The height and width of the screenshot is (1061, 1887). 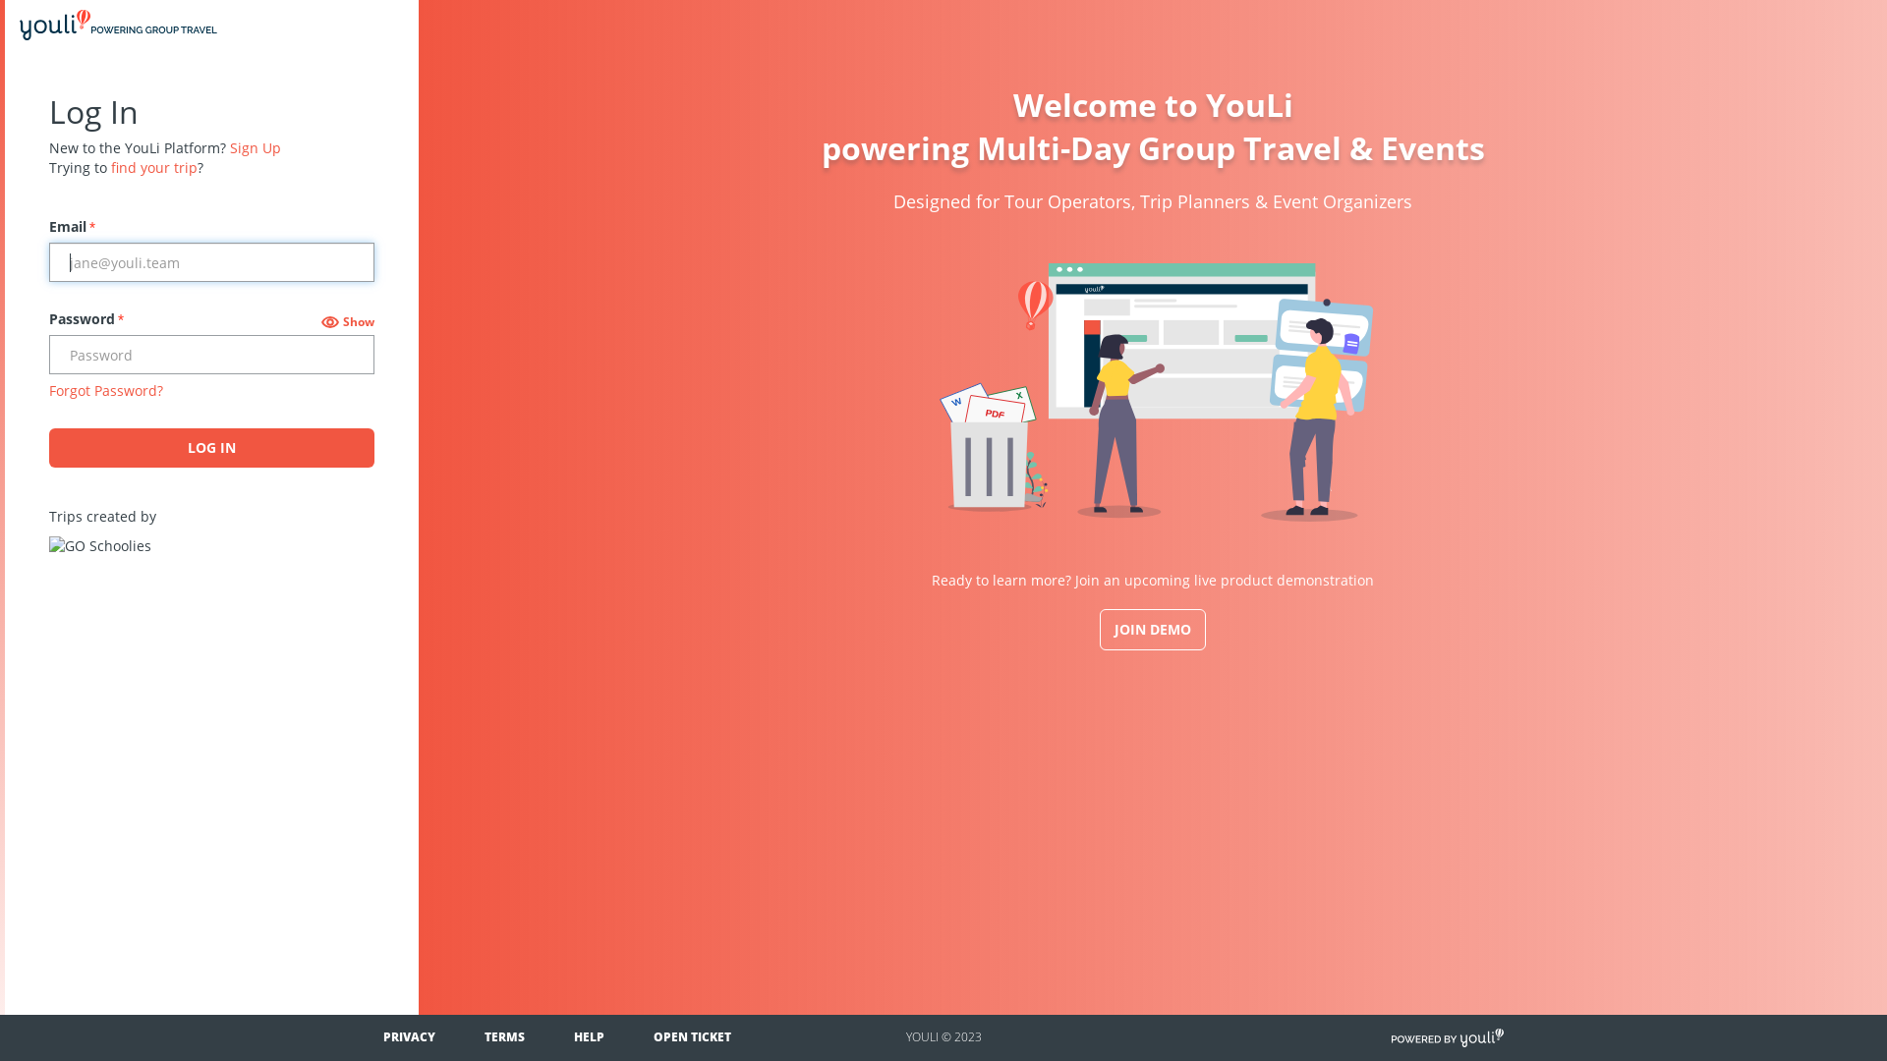 What do you see at coordinates (692, 1035) in the screenshot?
I see `'OPEN TICKET'` at bounding box center [692, 1035].